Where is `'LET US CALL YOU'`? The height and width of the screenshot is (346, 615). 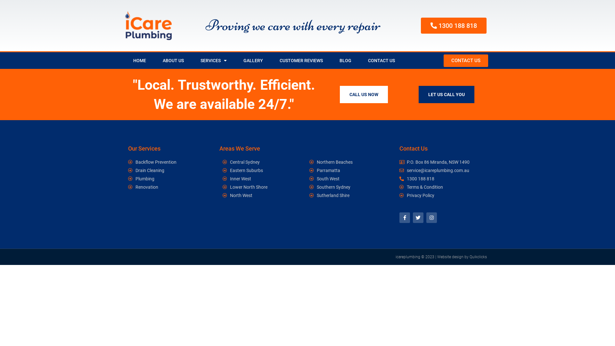 'LET US CALL YOU' is located at coordinates (446, 94).